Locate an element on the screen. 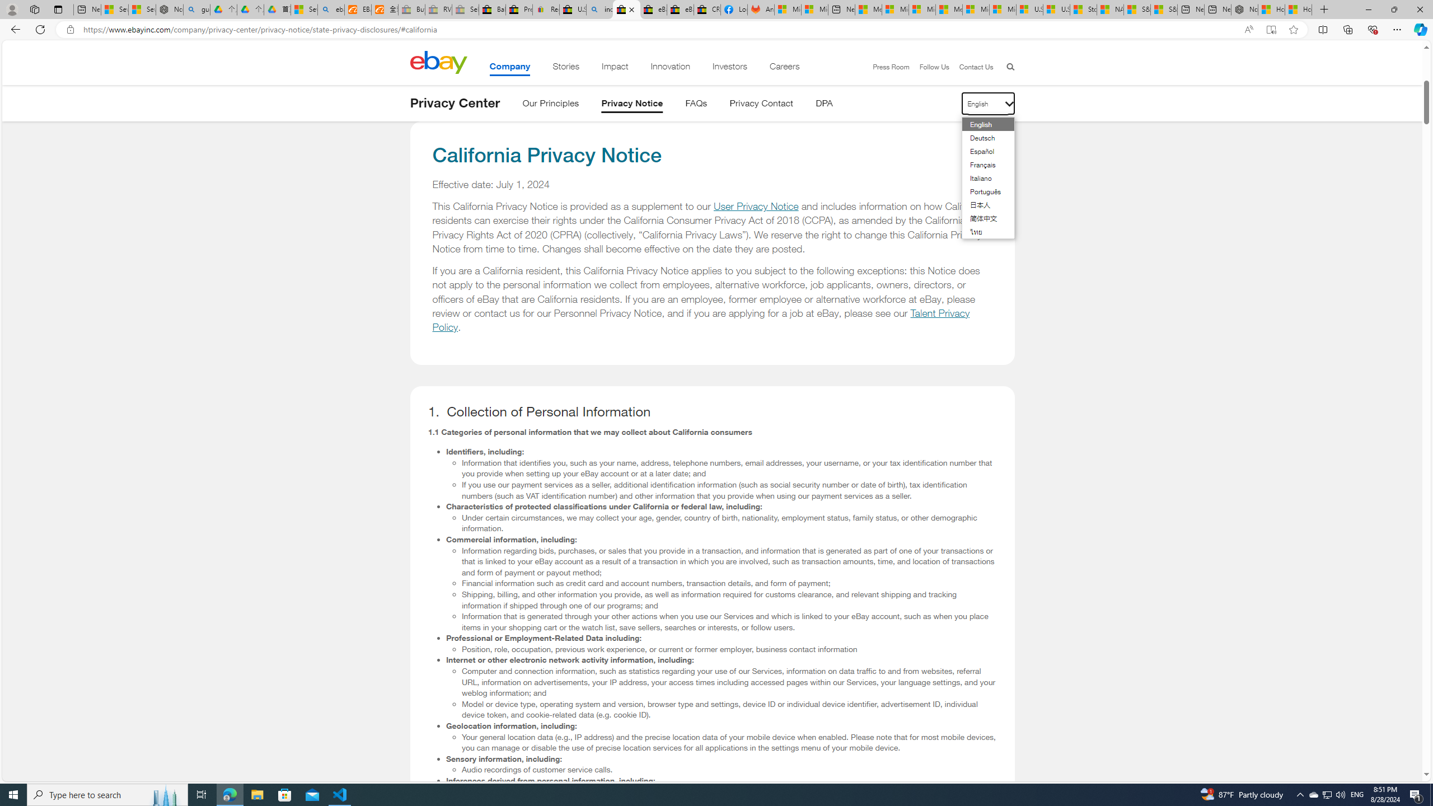 Image resolution: width=1433 pixels, height=806 pixels. 'Read aloud this page (Ctrl+Shift+U)' is located at coordinates (1248, 30).